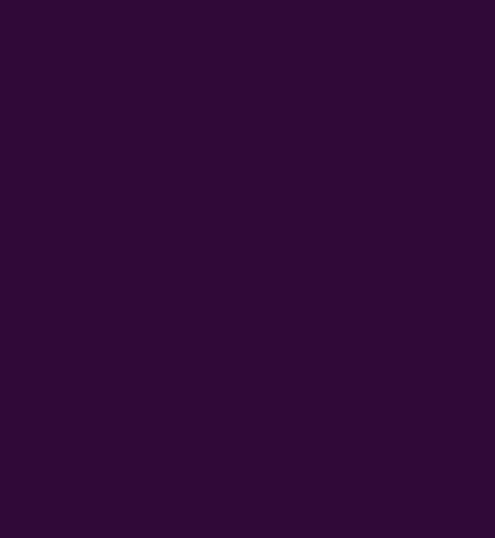 Image resolution: width=495 pixels, height=538 pixels. I want to click on 'Casino Games', so click(87, 190).